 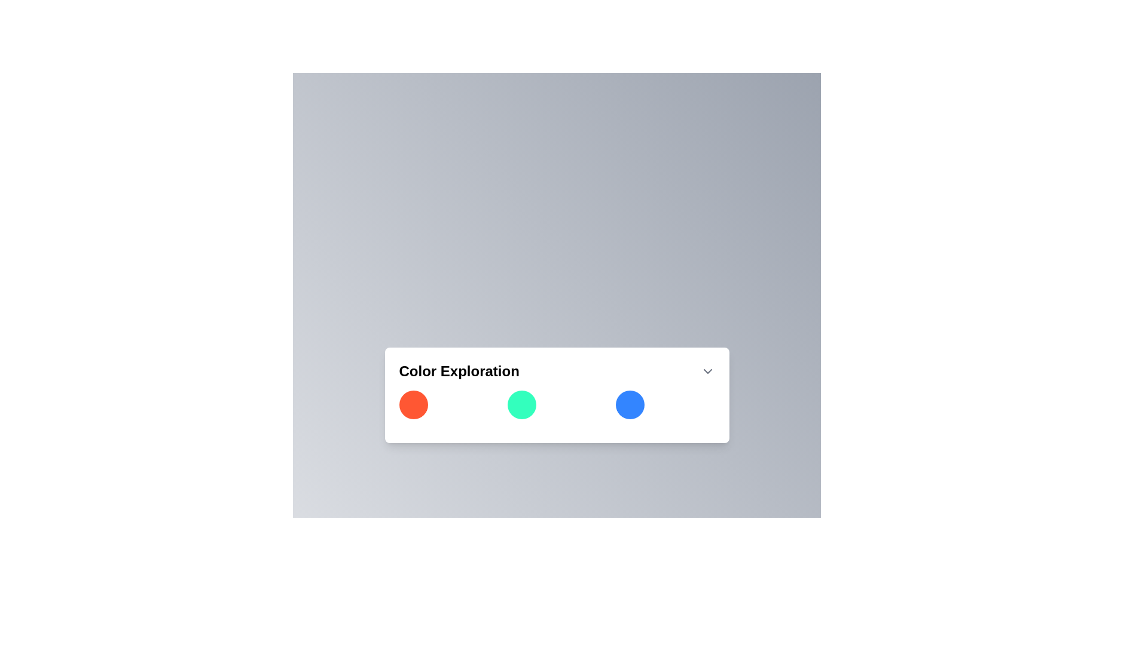 What do you see at coordinates (707, 370) in the screenshot?
I see `the icon button located at the far right end of the 'Color Exploration' header` at bounding box center [707, 370].